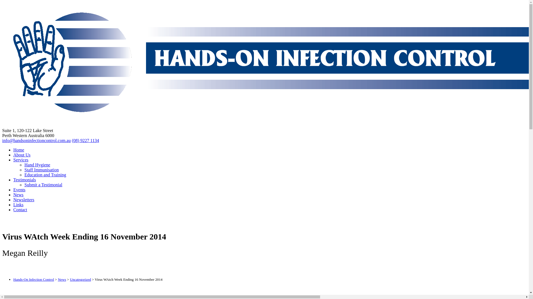 The height and width of the screenshot is (299, 533). What do you see at coordinates (24, 180) in the screenshot?
I see `'Testimonials'` at bounding box center [24, 180].